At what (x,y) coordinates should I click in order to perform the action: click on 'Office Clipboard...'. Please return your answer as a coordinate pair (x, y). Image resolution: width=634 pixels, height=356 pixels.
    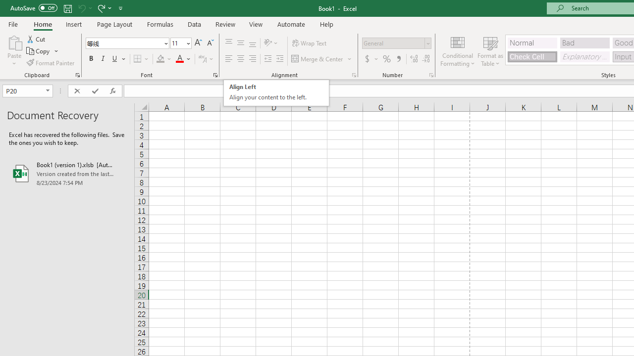
    Looking at the image, I should click on (77, 74).